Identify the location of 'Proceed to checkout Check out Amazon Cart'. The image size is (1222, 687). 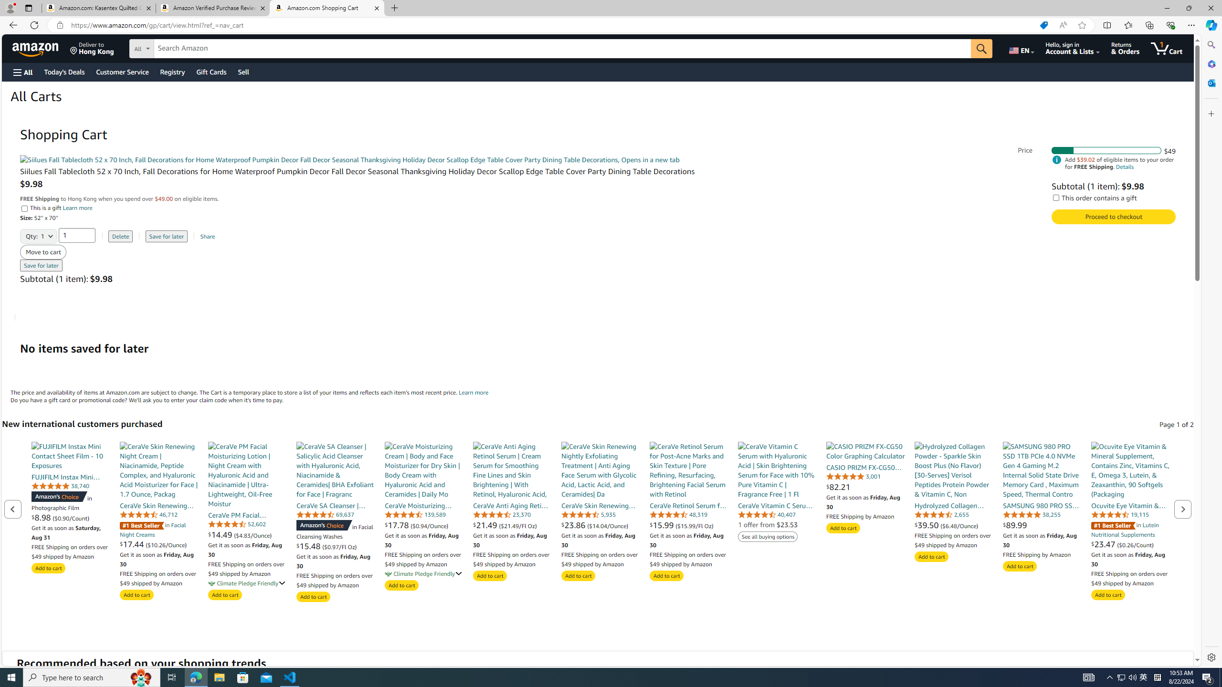
(1113, 217).